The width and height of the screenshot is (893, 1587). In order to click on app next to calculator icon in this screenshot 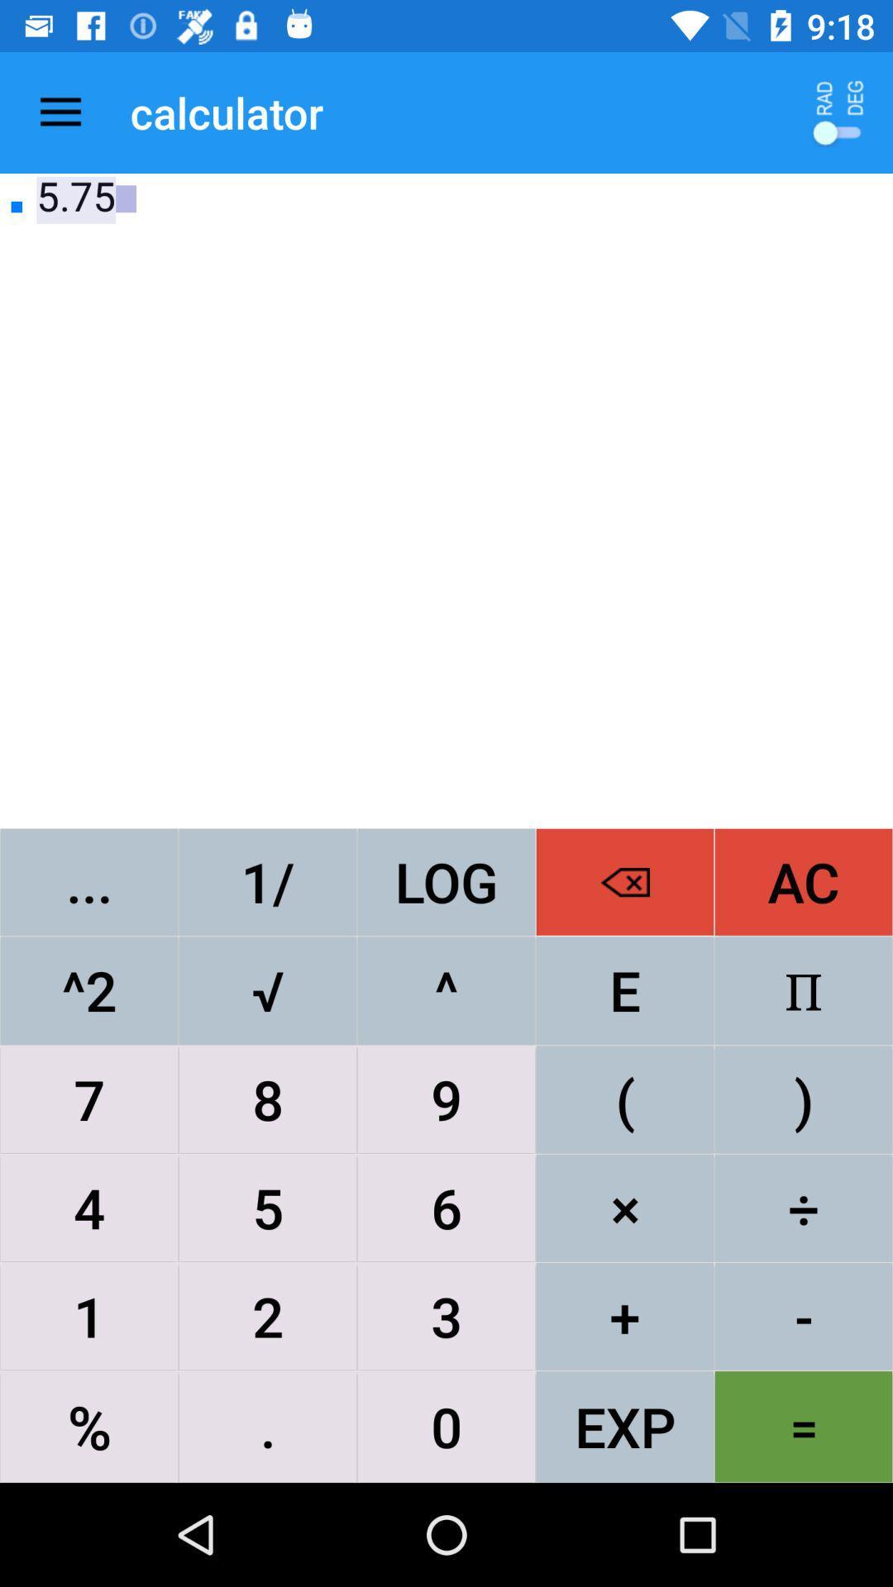, I will do `click(60, 112)`.